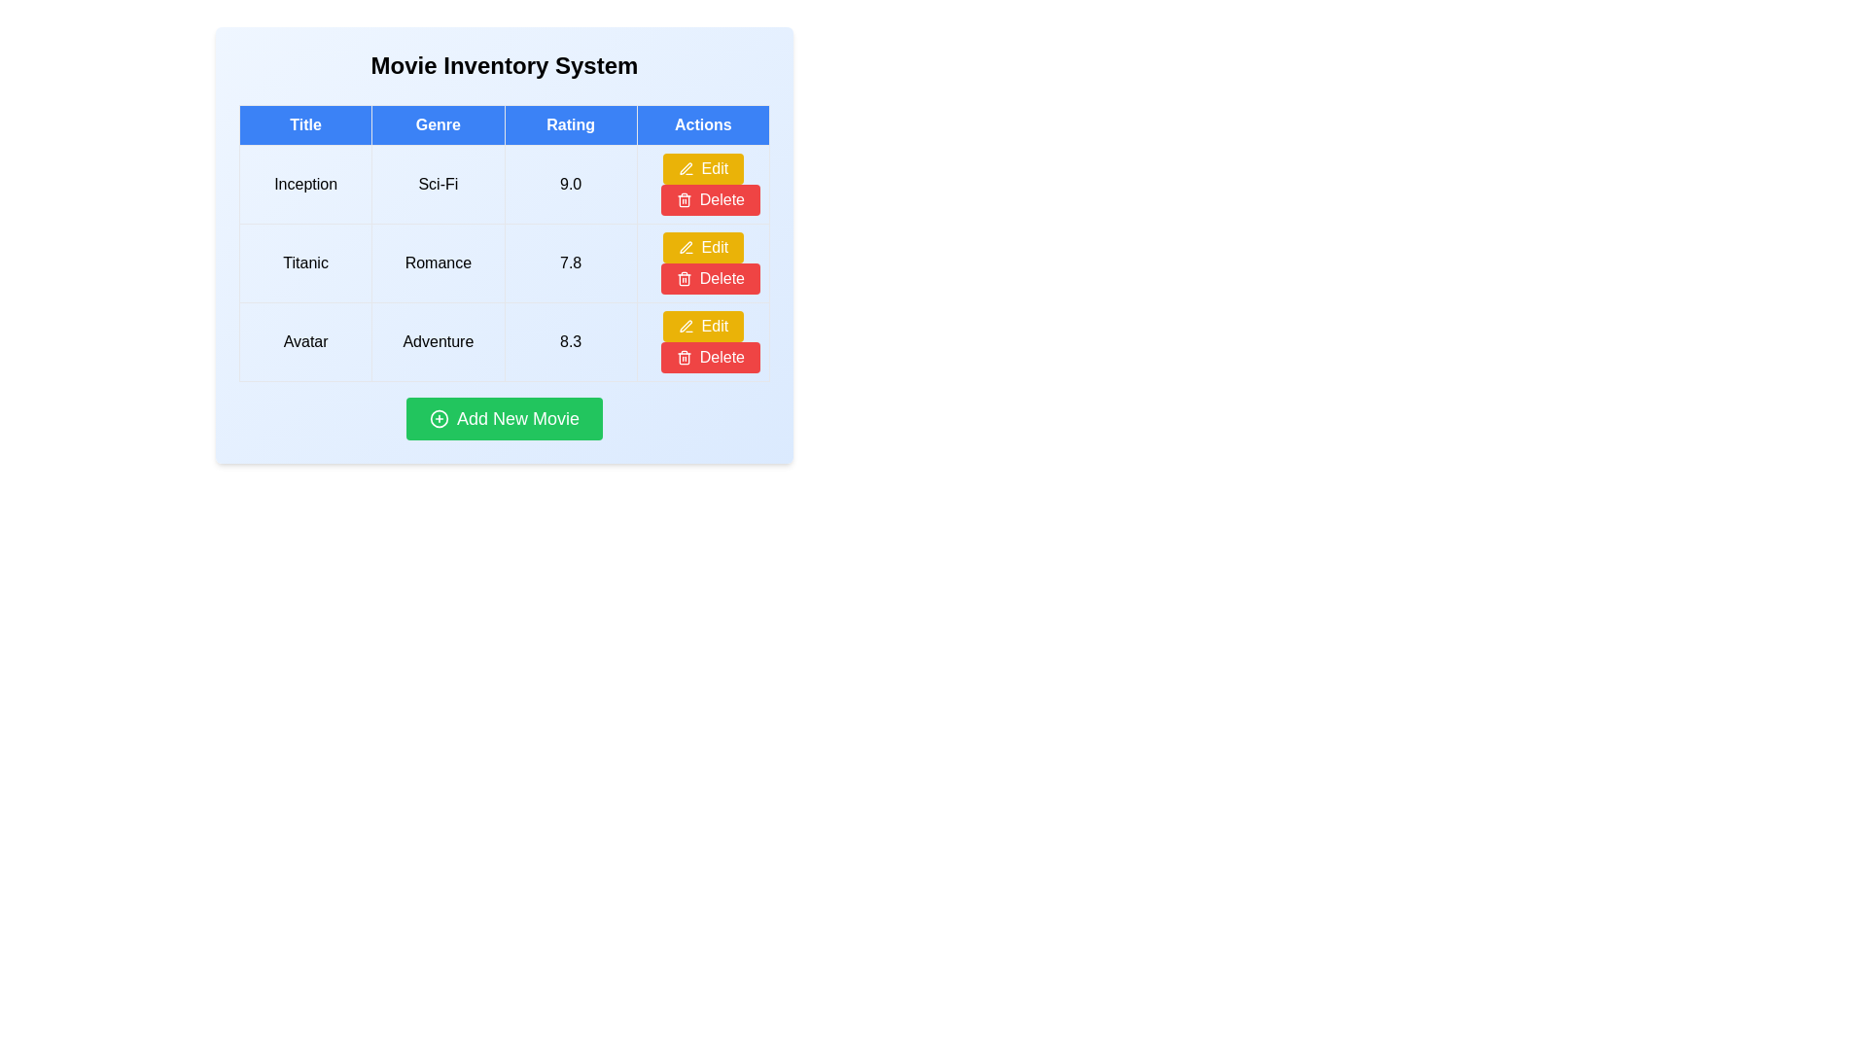  Describe the element at coordinates (709, 199) in the screenshot. I see `the 'Delete' button with a red background and white rounded text in the second row of the 'Actions' column next to the 'Edit' button for the movie 'Titanic'` at that location.